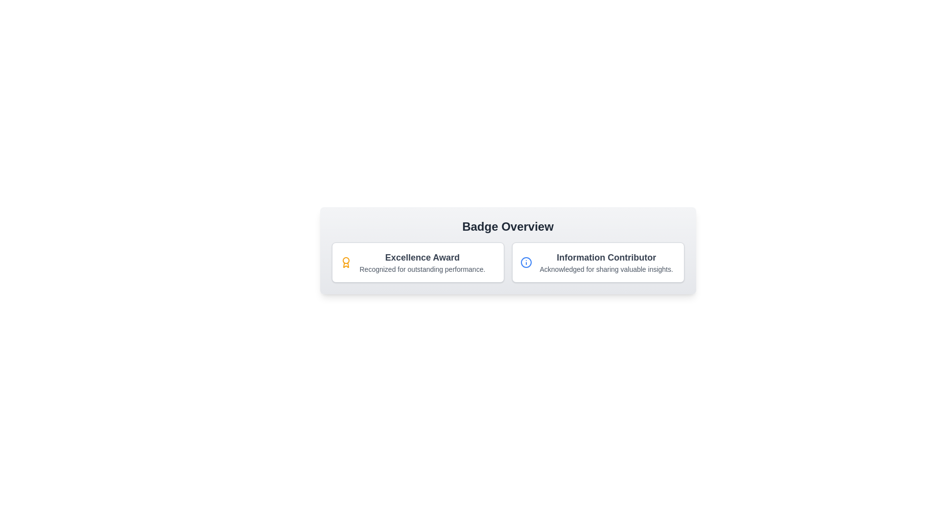 The width and height of the screenshot is (940, 529). What do you see at coordinates (422, 269) in the screenshot?
I see `descriptive text about the 'Excellence Award' badge, which is located below the main title within the badge card` at bounding box center [422, 269].